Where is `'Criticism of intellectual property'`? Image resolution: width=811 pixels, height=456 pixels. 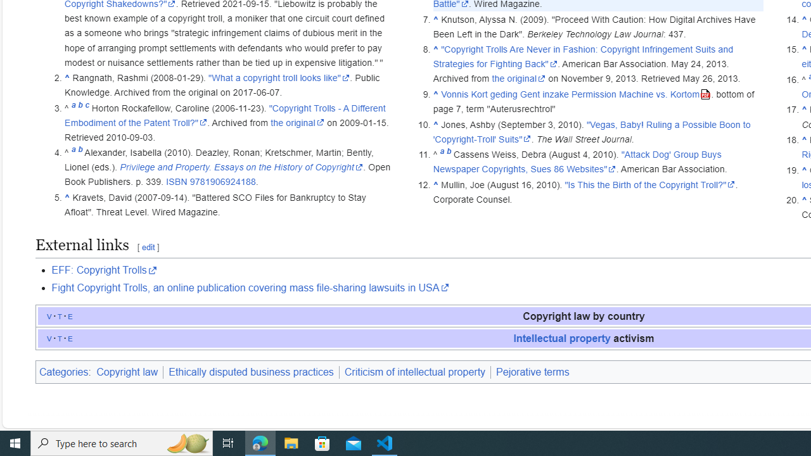
'Criticism of intellectual property' is located at coordinates (414, 371).